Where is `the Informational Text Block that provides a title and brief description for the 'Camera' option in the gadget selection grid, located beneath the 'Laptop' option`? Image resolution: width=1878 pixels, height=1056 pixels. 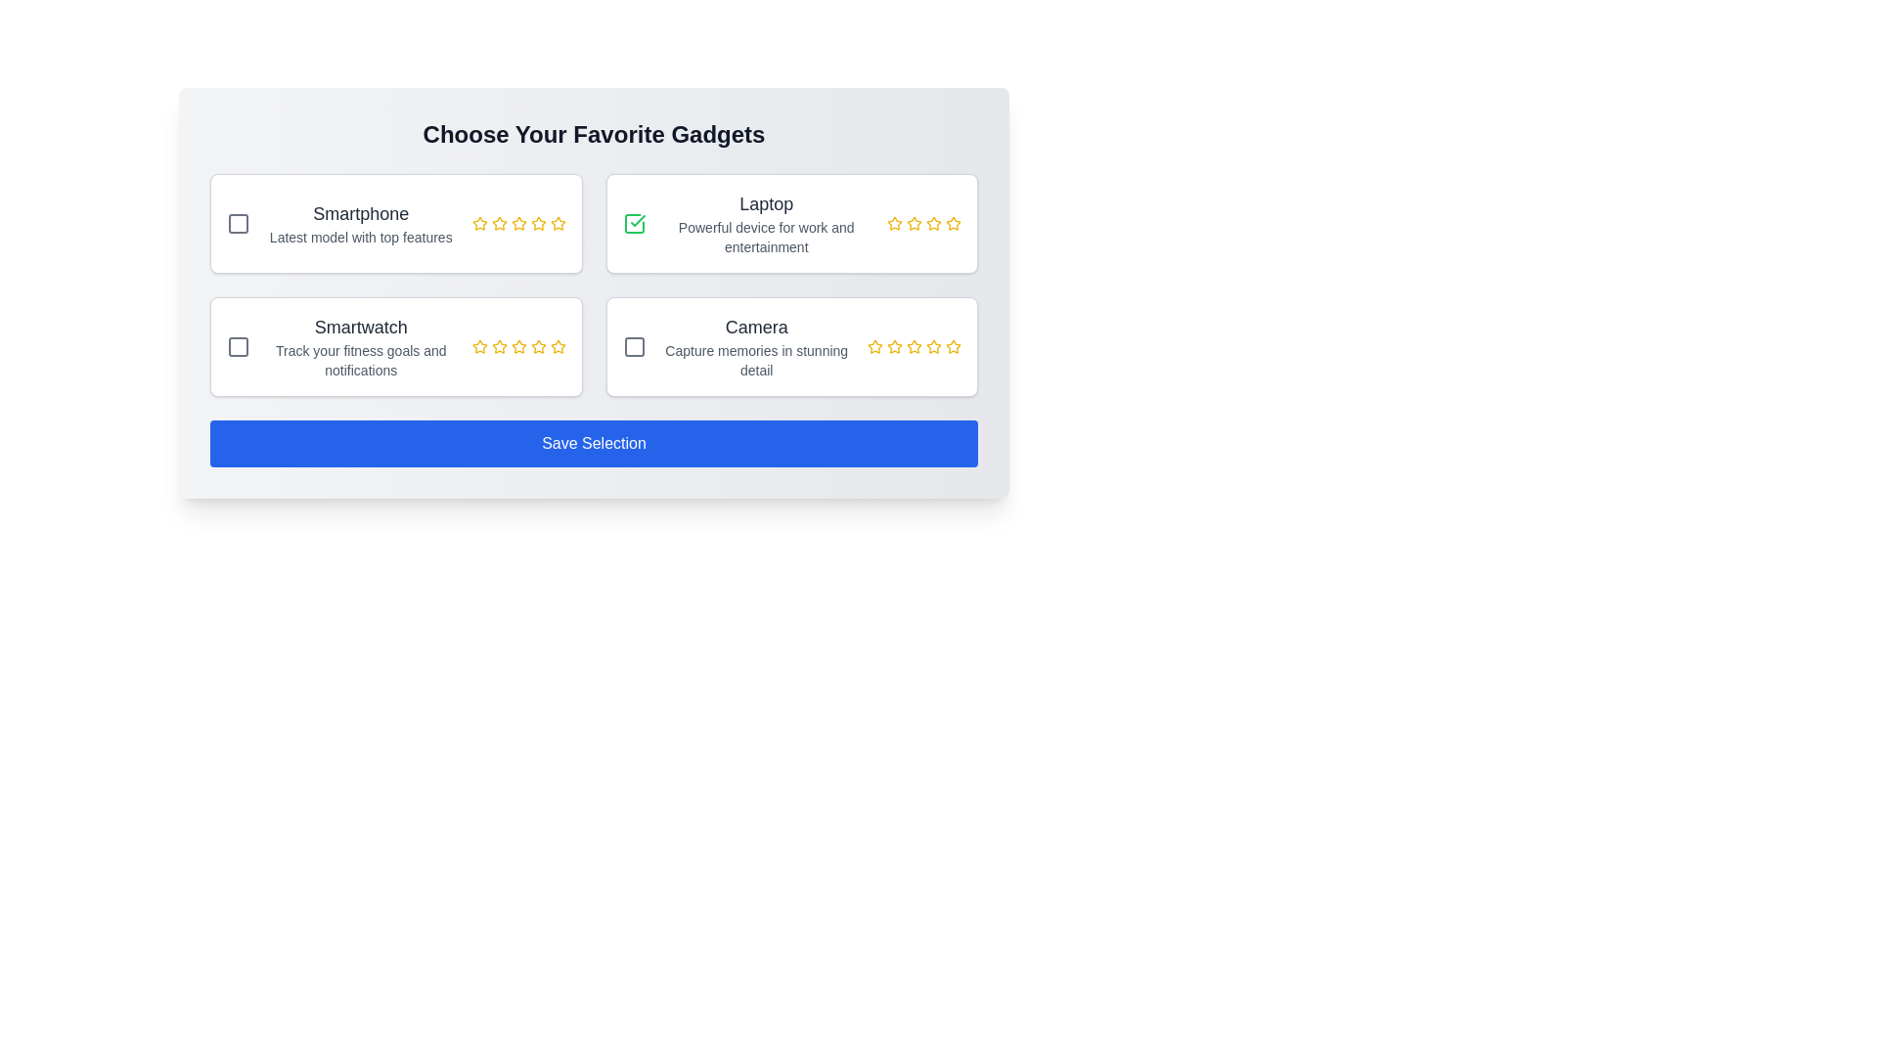 the Informational Text Block that provides a title and brief description for the 'Camera' option in the gadget selection grid, located beneath the 'Laptop' option is located at coordinates (755, 345).